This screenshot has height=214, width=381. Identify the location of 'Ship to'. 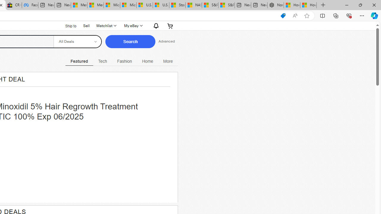
(67, 26).